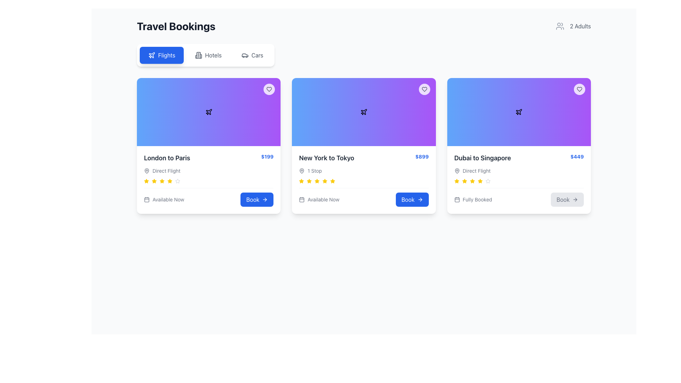  I want to click on the heart icon in the top-right corner of the 'Dubai to Singapore' card, so click(579, 89).